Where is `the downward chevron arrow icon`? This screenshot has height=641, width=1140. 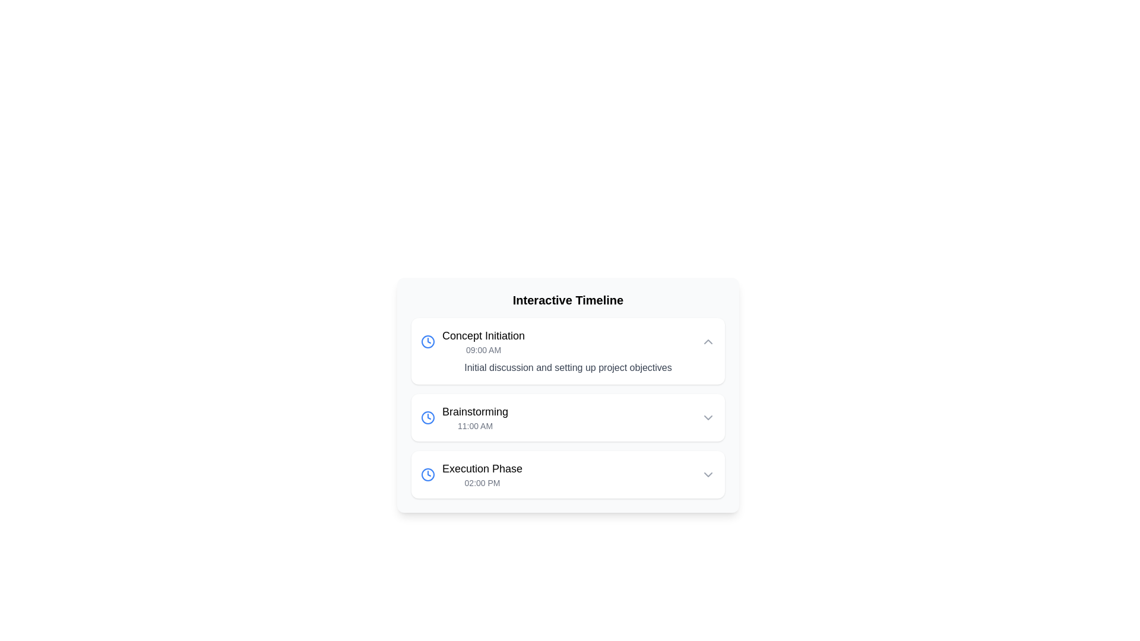 the downward chevron arrow icon is located at coordinates (708, 474).